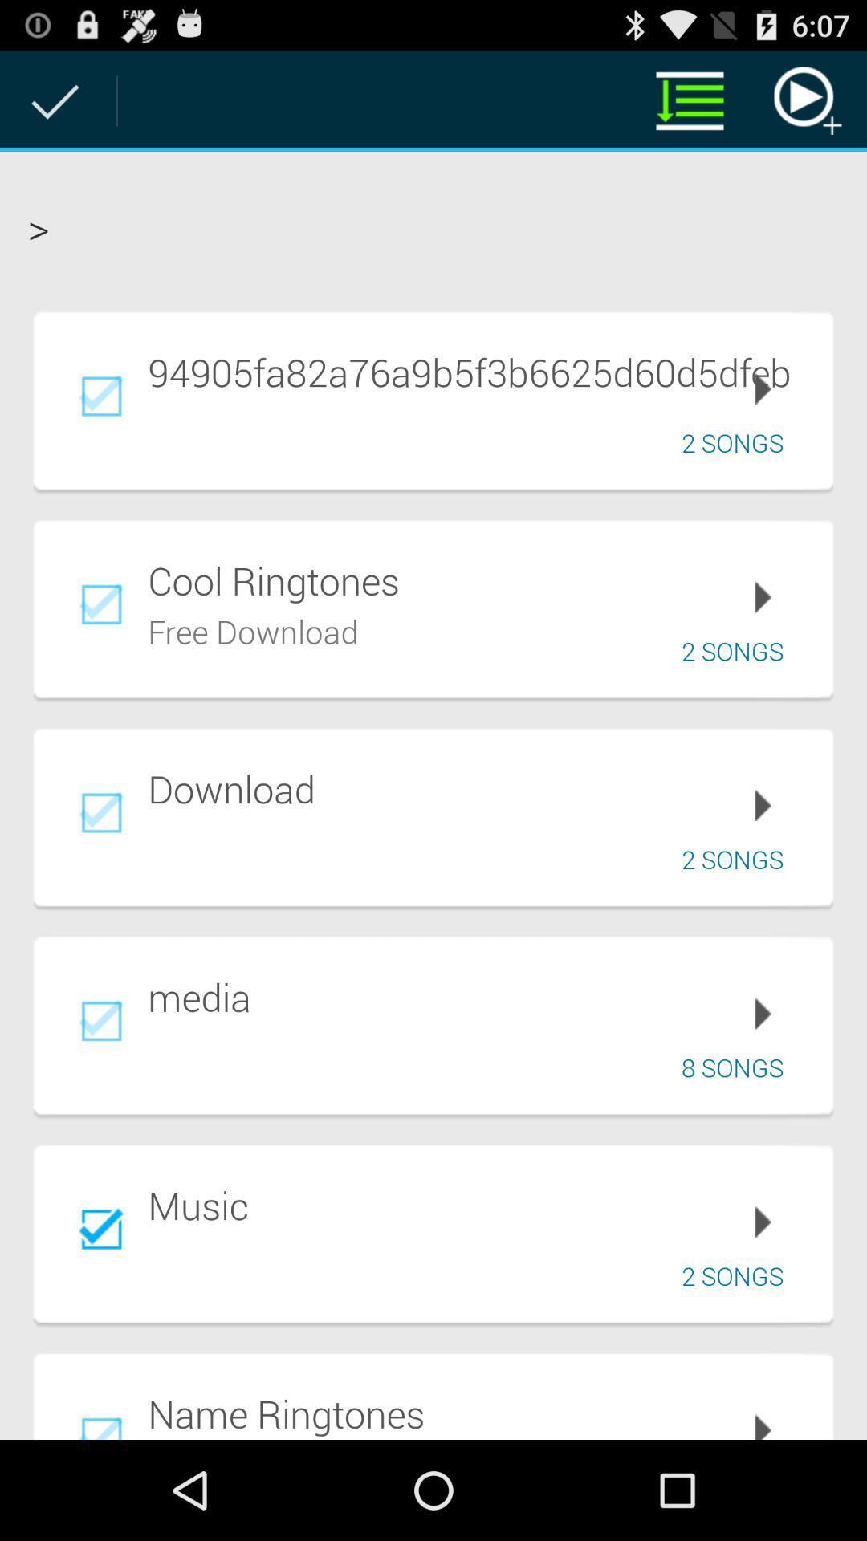 Image resolution: width=867 pixels, height=1541 pixels. Describe the element at coordinates (738, 1067) in the screenshot. I see `8 songs item` at that location.